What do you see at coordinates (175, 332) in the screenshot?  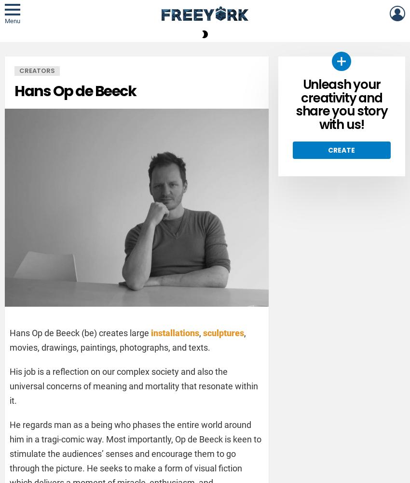 I see `'installations'` at bounding box center [175, 332].